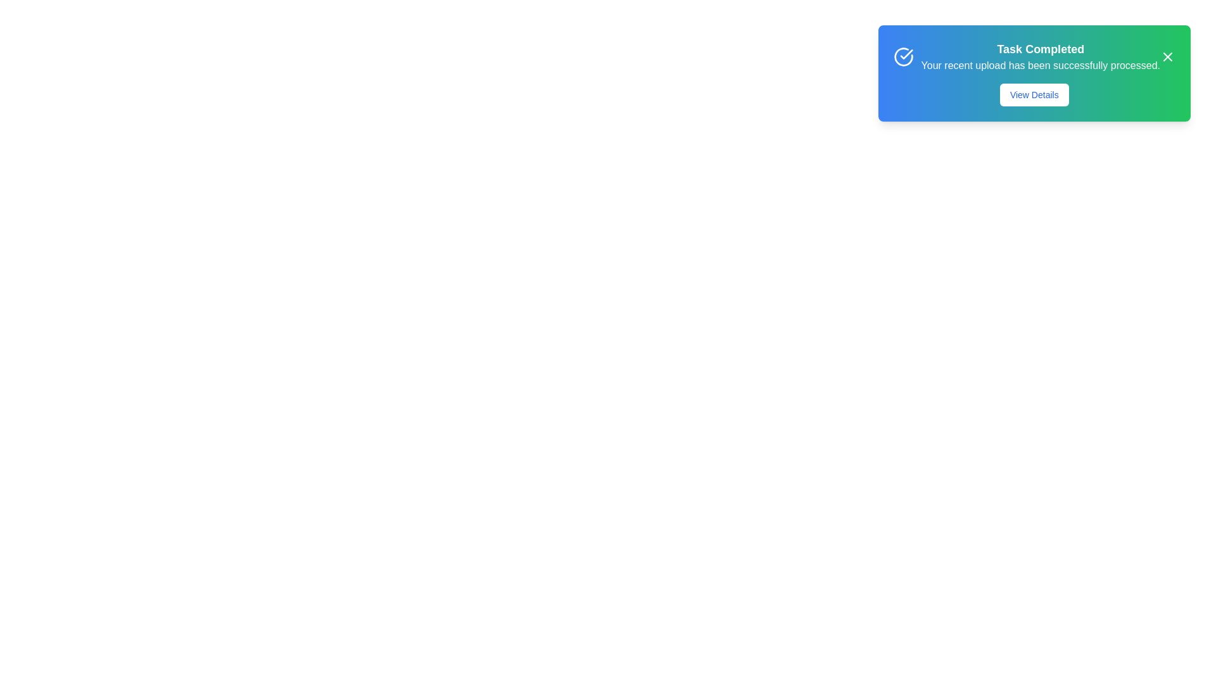  Describe the element at coordinates (1034, 94) in the screenshot. I see `the 'View Details' button` at that location.